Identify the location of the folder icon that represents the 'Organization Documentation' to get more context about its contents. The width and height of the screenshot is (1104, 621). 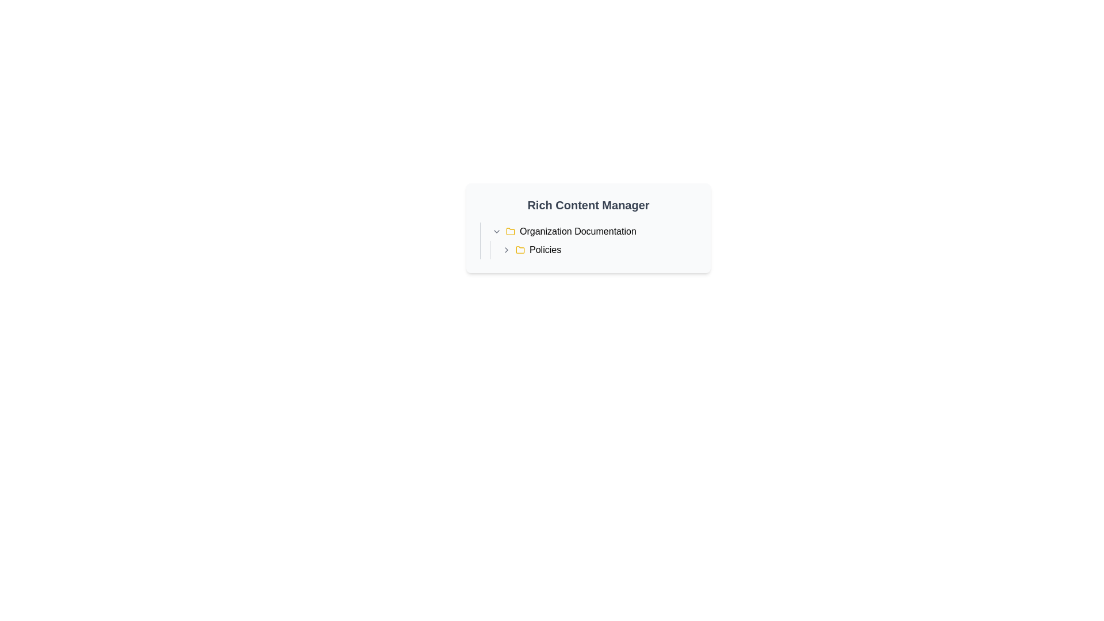
(510, 231).